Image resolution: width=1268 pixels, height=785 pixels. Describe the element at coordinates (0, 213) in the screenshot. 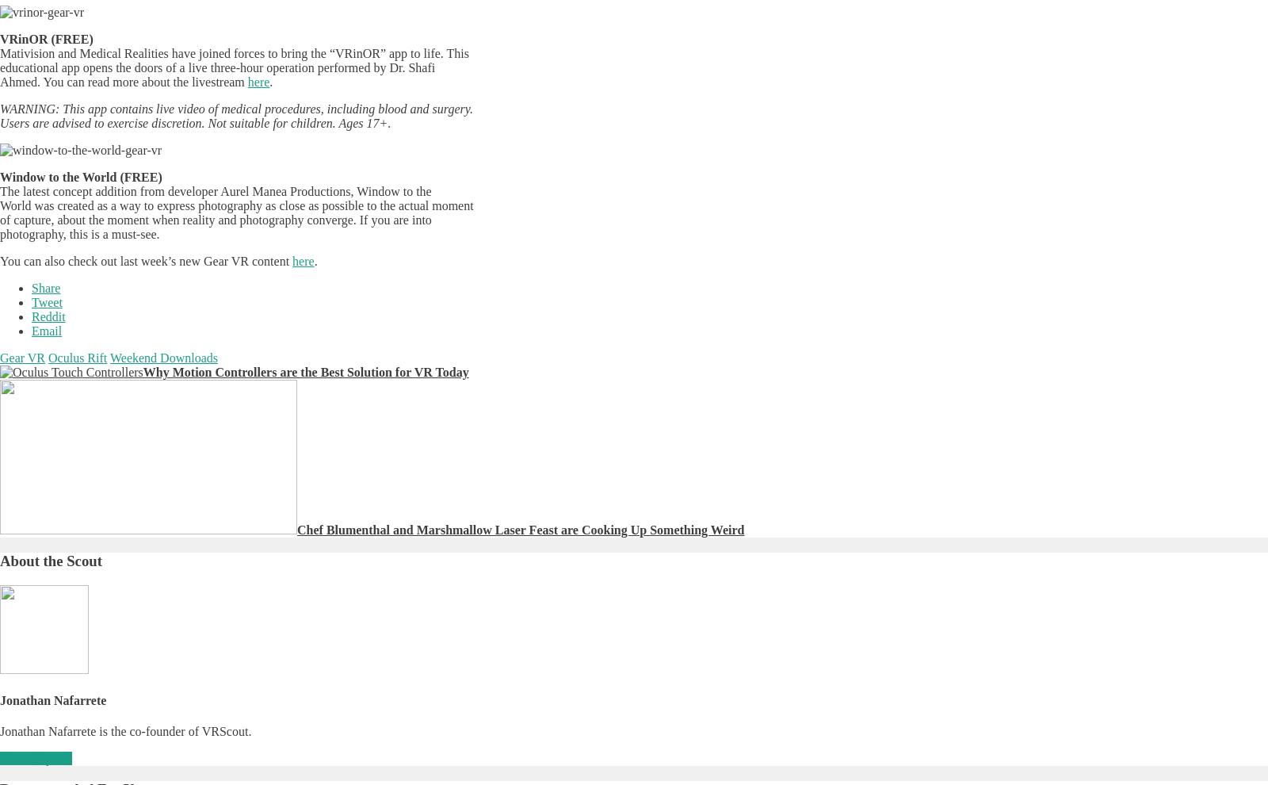

I see `'The latest concept addition from developer Aurel Manea Productions, Window to the World was created as a way to express photography as close as possible to the actual moment of capture, about the moment when reality and photography converge. If you are into photography, this is a must-see.'` at that location.